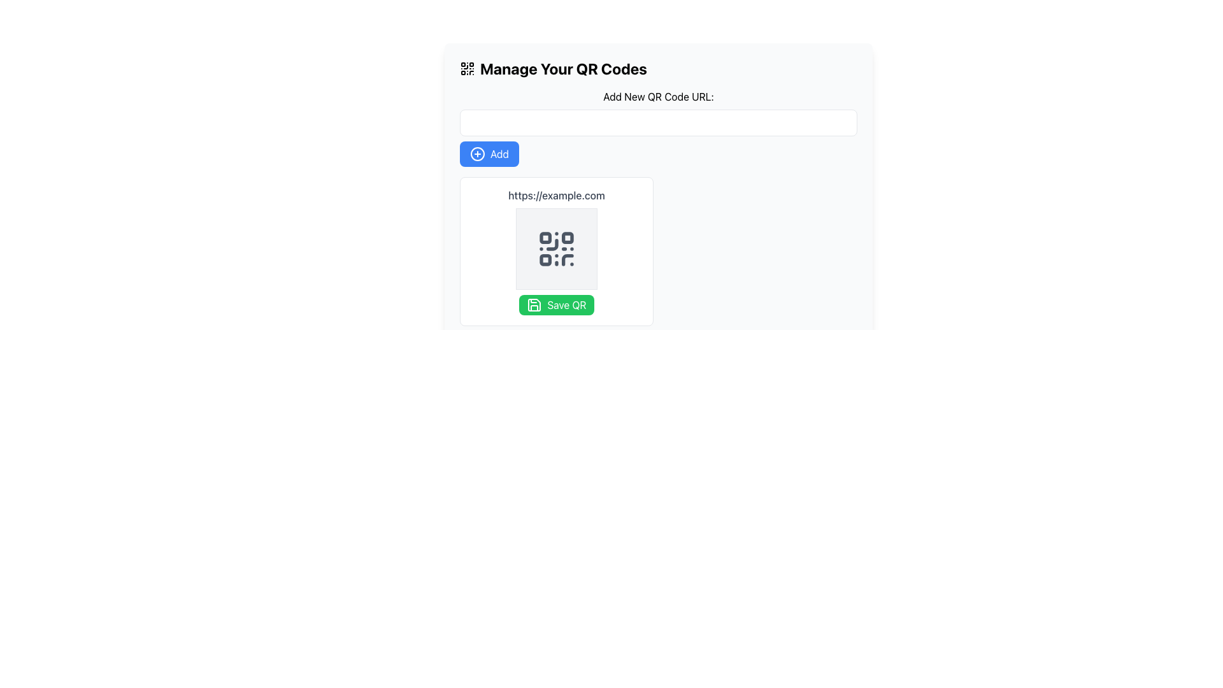 The height and width of the screenshot is (688, 1223). Describe the element at coordinates (467, 69) in the screenshot. I see `the SVG icon representing a QR code, located at the top-left corner of the interface next to the 'Manage Your QR Codes' heading` at that location.